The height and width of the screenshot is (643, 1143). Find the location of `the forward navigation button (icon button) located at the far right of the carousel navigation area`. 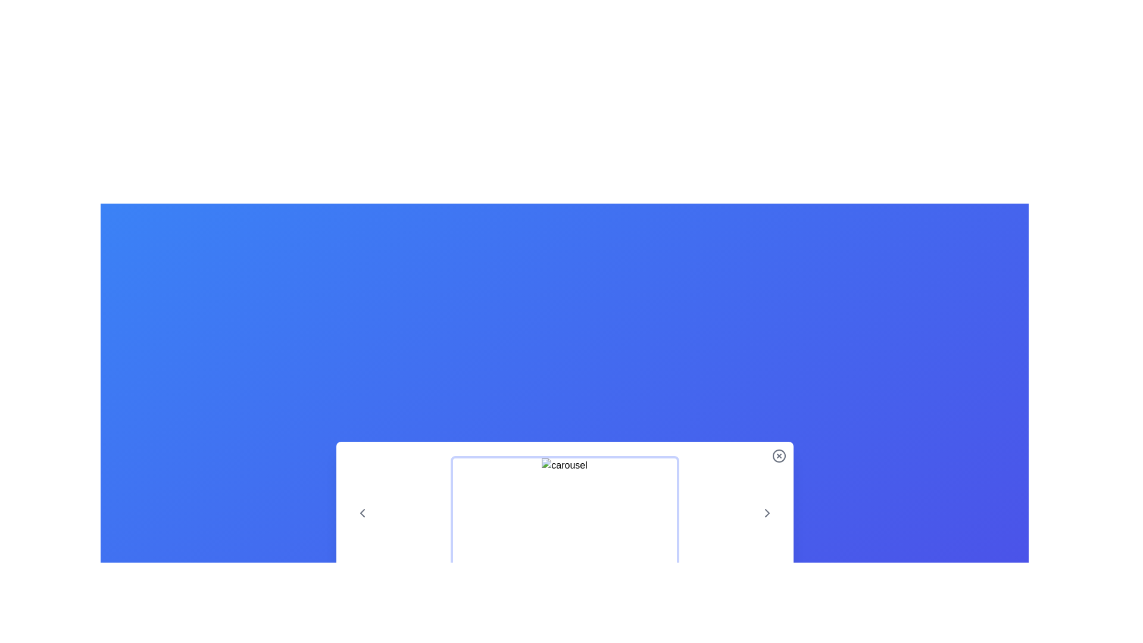

the forward navigation button (icon button) located at the far right of the carousel navigation area is located at coordinates (767, 512).